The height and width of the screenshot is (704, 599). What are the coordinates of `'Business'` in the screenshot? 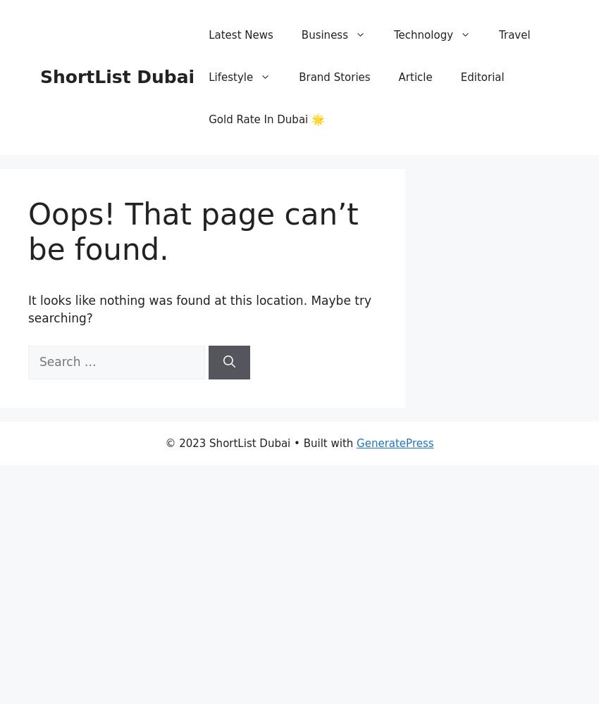 It's located at (323, 35).